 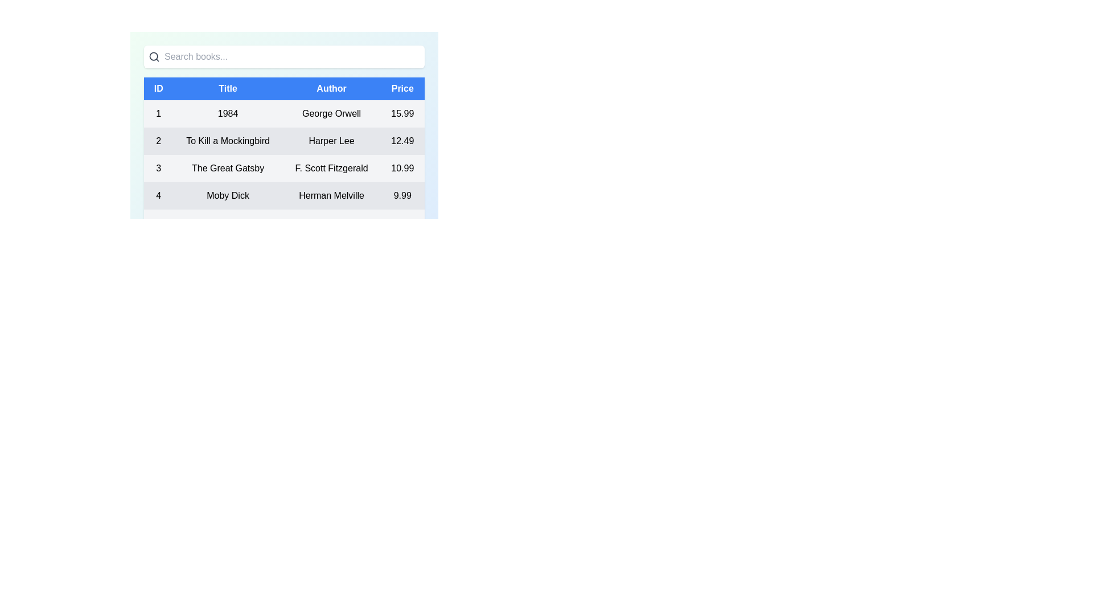 I want to click on the Text Label displaying the author's name in the second row of the table under the 'Author' column, so click(x=331, y=140).